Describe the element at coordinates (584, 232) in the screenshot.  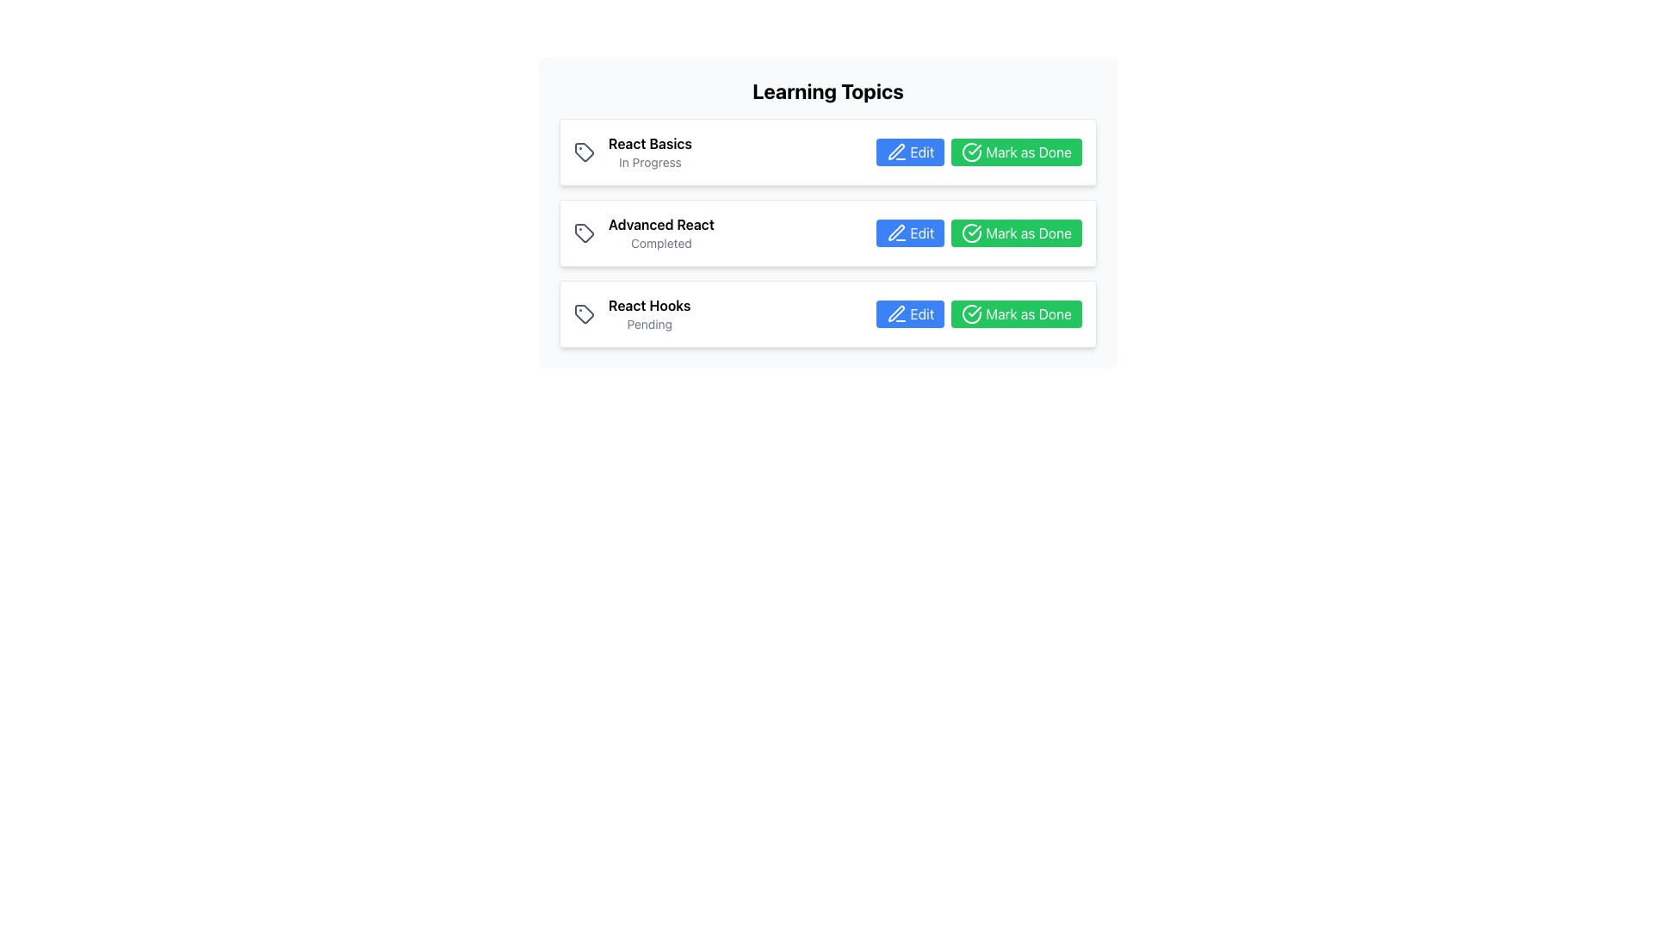
I see `the icon that visually distinguishes the row labeled 'Advanced React' and 'Completed', located on the left side adjacent to the text` at that location.